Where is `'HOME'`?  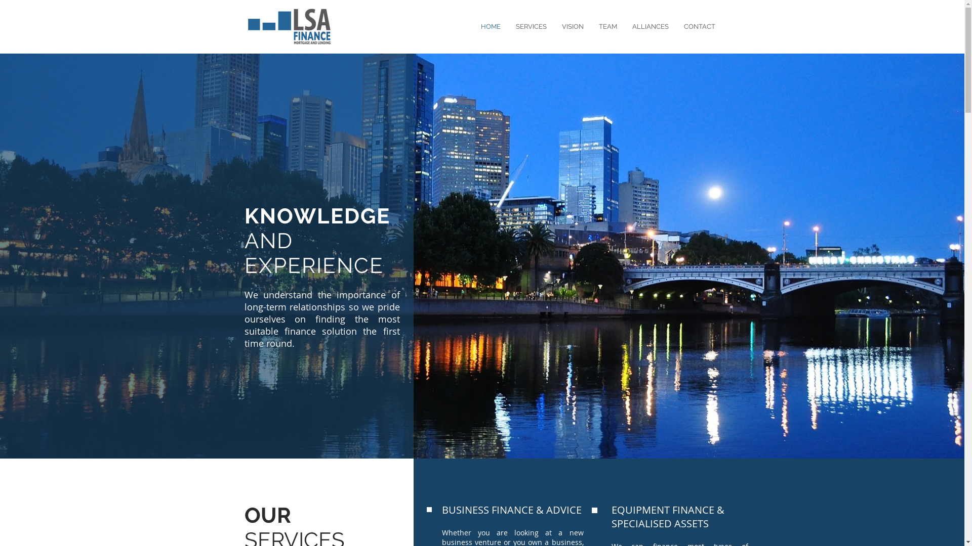 'HOME' is located at coordinates (472, 26).